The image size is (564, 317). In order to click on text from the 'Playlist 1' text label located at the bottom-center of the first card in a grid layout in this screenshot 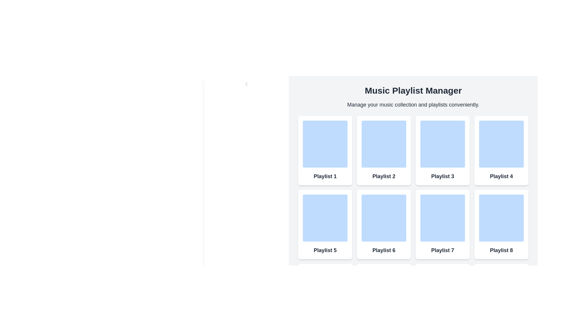, I will do `click(325, 176)`.